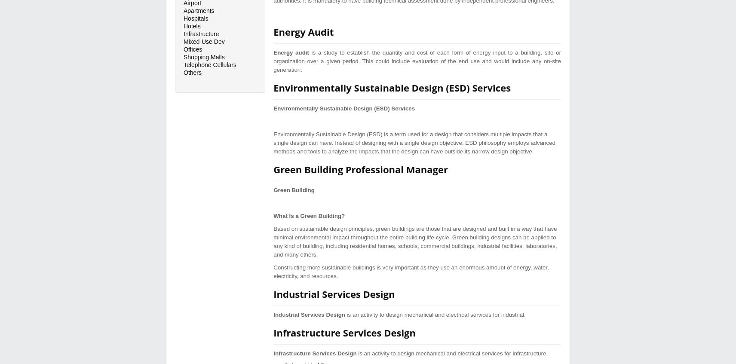  I want to click on 'Based on sustainable design principles, green buildings are those that are designed and built in a way that have minimal environmental impact throughout the entire building life-cycle. Green building designs can be applied to any kind of building, including residential homes, schools, commercial buildings, industrial facilities, laboratories, and many others.', so click(414, 241).